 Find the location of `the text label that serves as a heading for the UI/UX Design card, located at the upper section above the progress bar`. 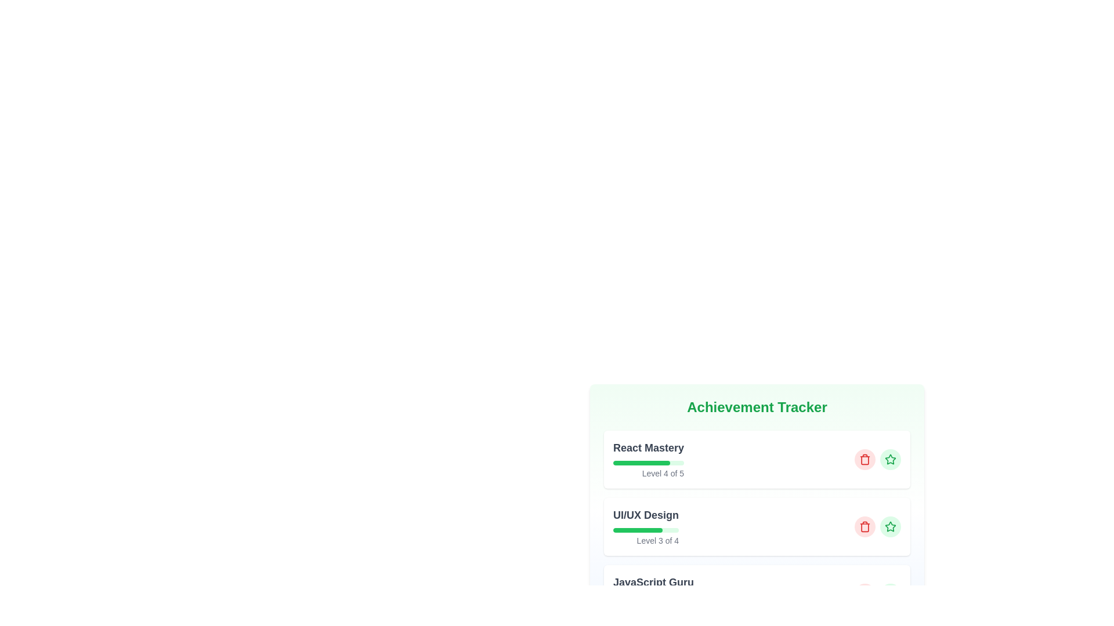

the text label that serves as a heading for the UI/UX Design card, located at the upper section above the progress bar is located at coordinates (645, 514).